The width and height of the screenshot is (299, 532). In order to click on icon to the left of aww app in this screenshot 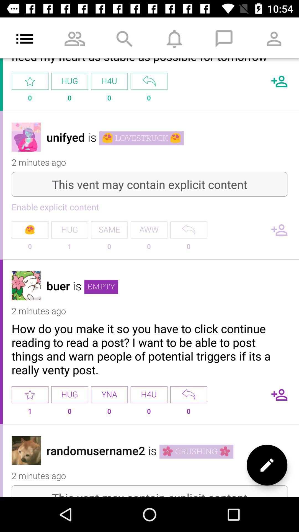, I will do `click(109, 230)`.